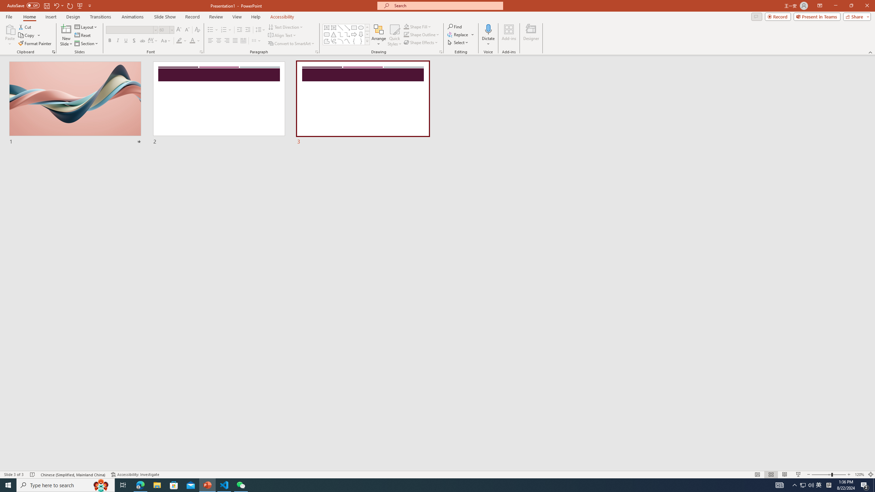  I want to click on 'Zoom 120%', so click(860, 475).